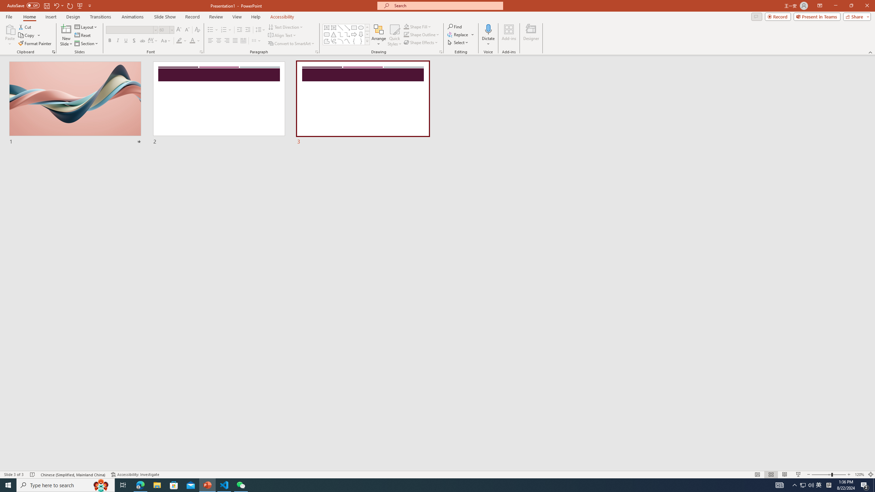  I want to click on 'Zoom 120%', so click(860, 475).